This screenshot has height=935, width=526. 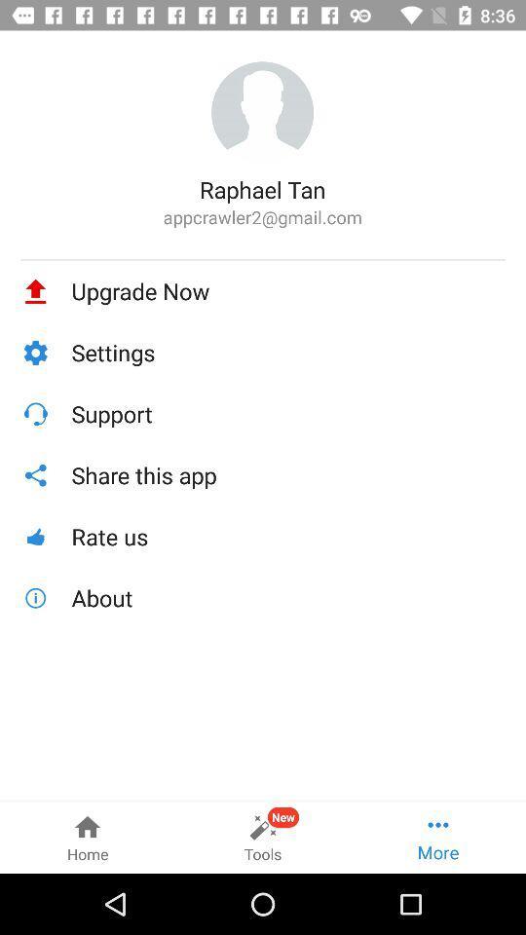 I want to click on the rate us, so click(x=287, y=537).